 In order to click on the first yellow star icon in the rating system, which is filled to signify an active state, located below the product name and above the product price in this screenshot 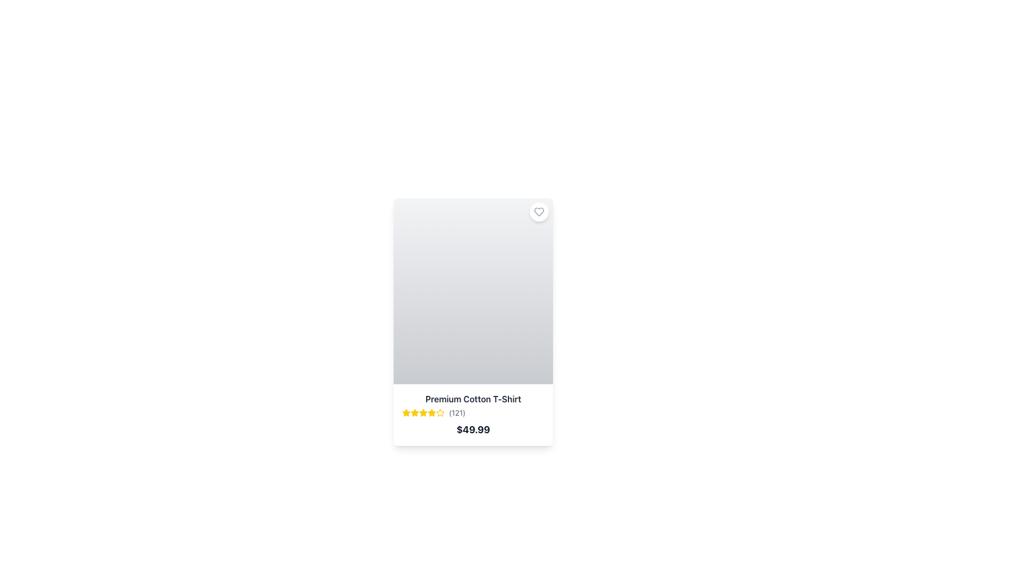, I will do `click(405, 412)`.